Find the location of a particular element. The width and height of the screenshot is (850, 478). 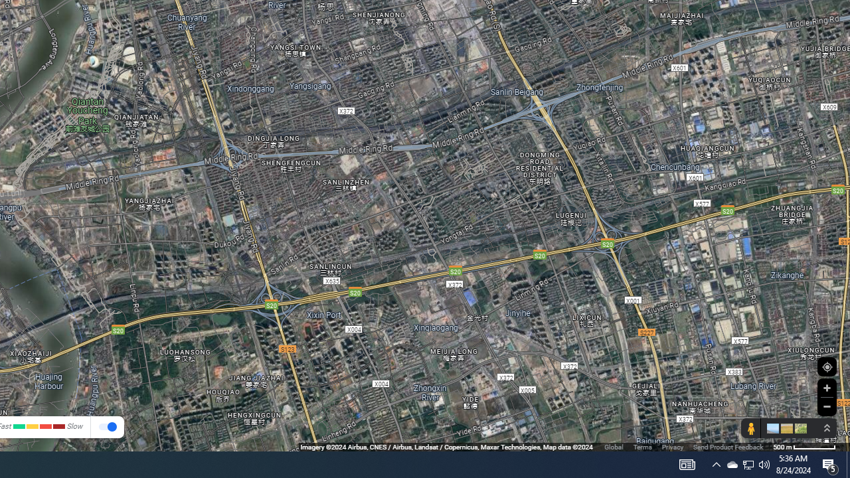

'Send Product Feedback' is located at coordinates (727, 447).